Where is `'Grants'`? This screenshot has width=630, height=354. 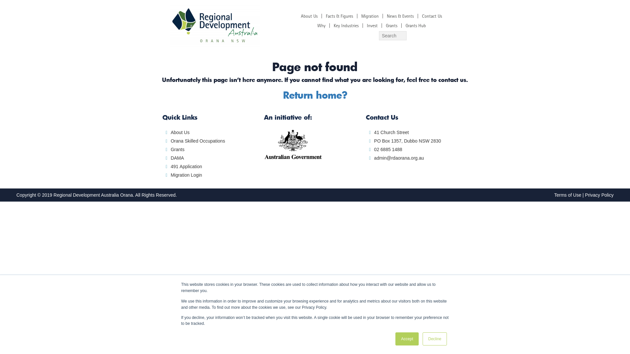
'Grants' is located at coordinates (178, 149).